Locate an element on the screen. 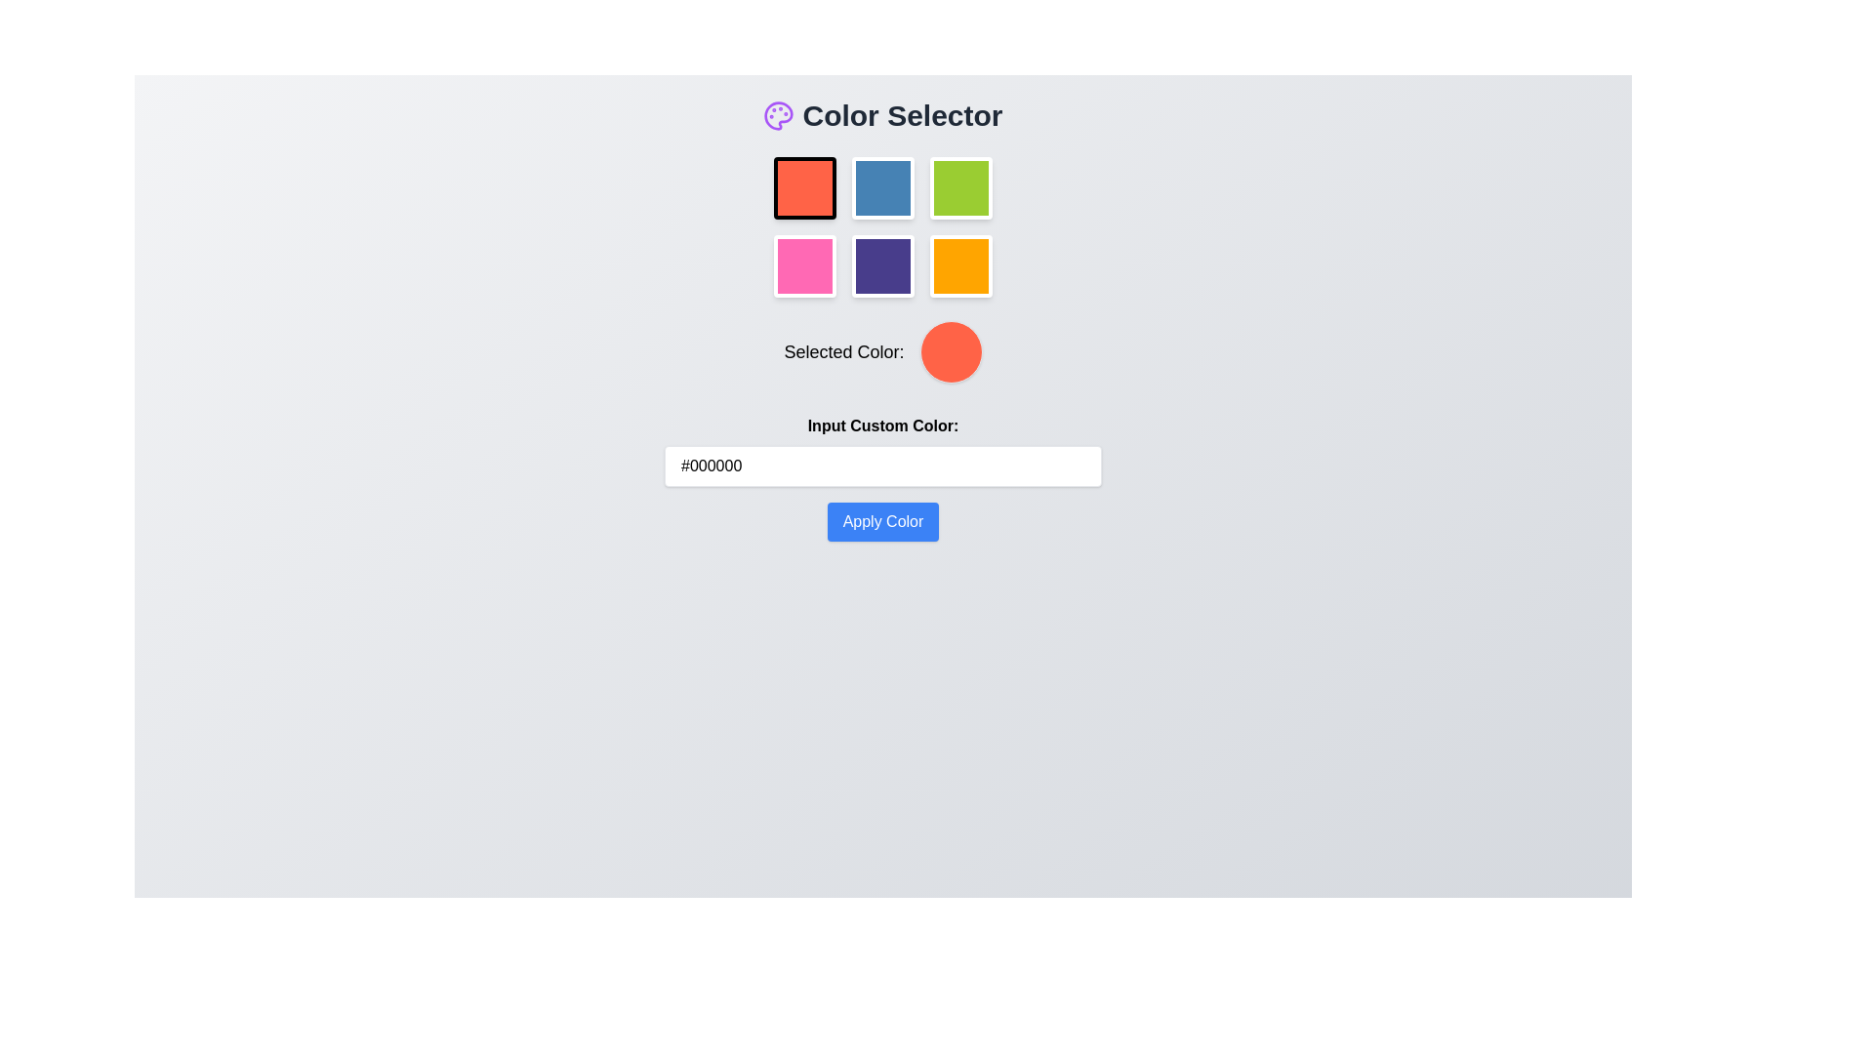  the label that guides users to input a custom color, positioned above the text input field is located at coordinates (881, 425).